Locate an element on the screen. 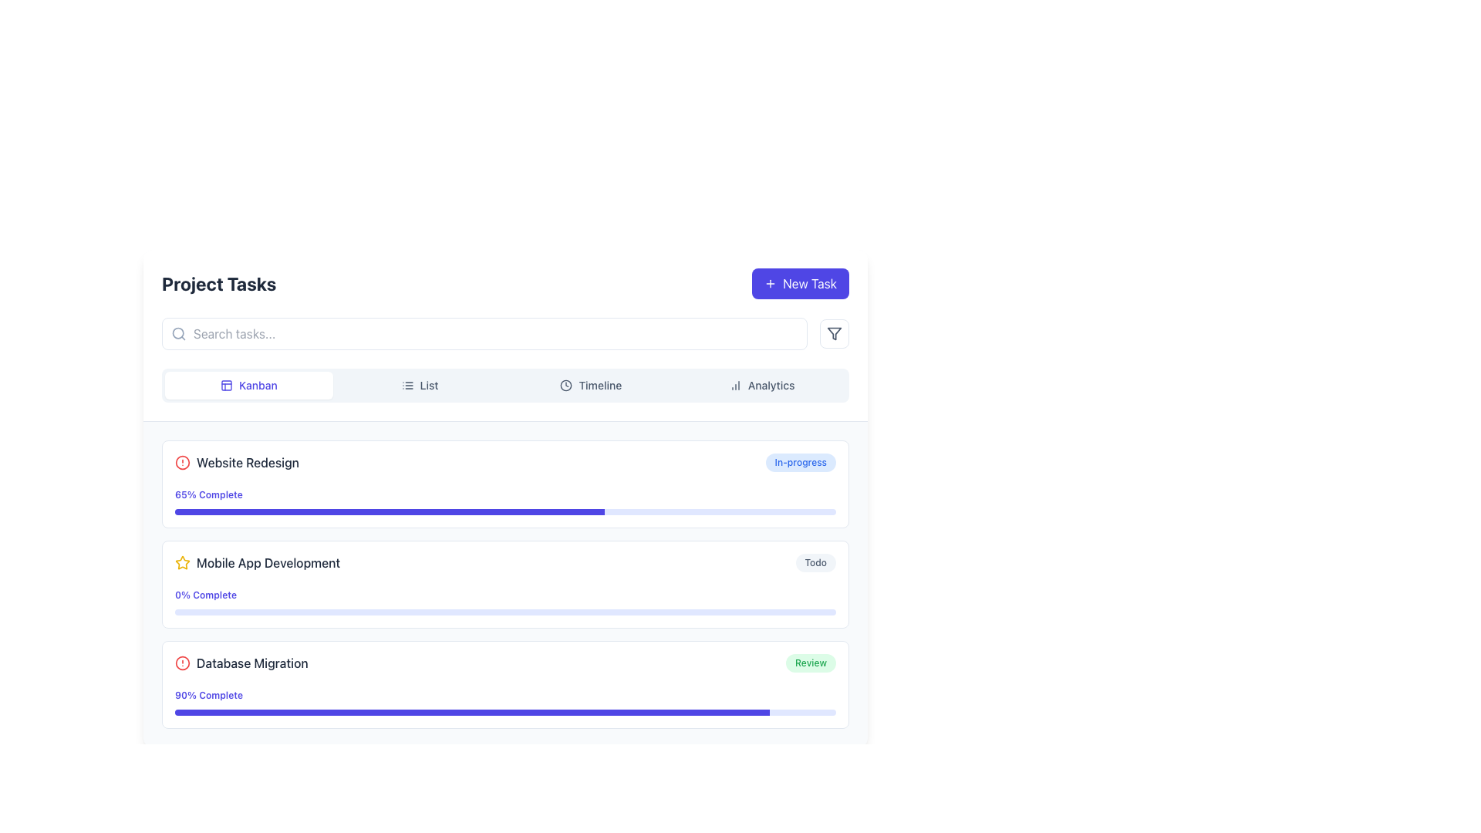 This screenshot has width=1481, height=833. the progress bar indicating 0% completion in the Mobile App Development section is located at coordinates (505, 612).